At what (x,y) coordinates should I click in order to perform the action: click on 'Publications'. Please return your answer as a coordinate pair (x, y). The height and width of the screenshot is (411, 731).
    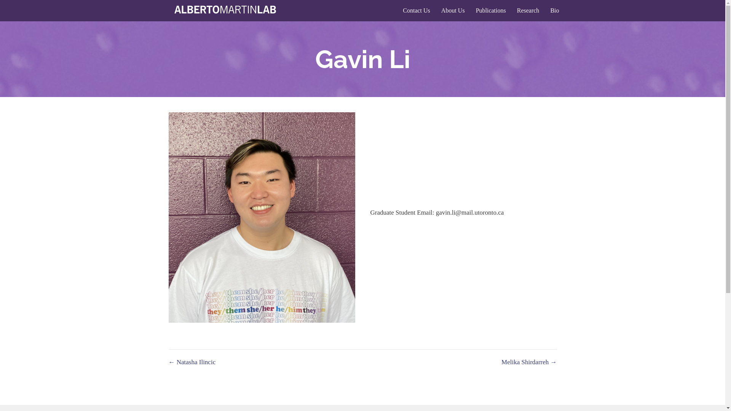
    Looking at the image, I should click on (491, 10).